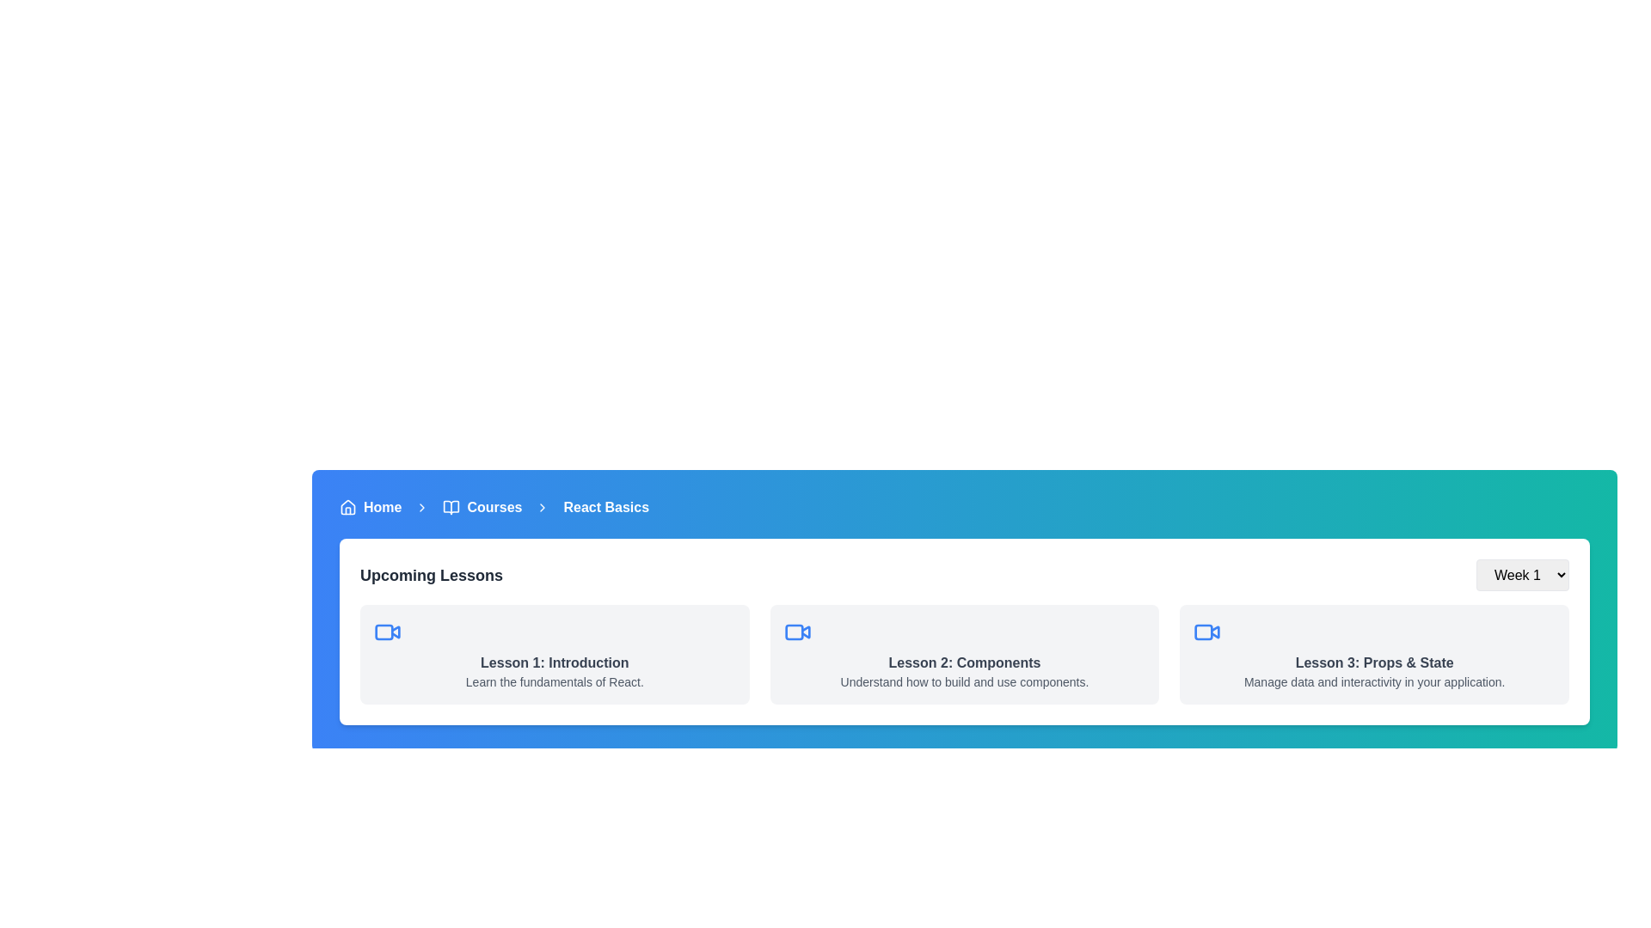 The image size is (1651, 928). Describe the element at coordinates (347, 506) in the screenshot. I see `the 'Home' navigation icon in the breadcrumb located at the top-left corner of the interface by moving to its center point` at that location.